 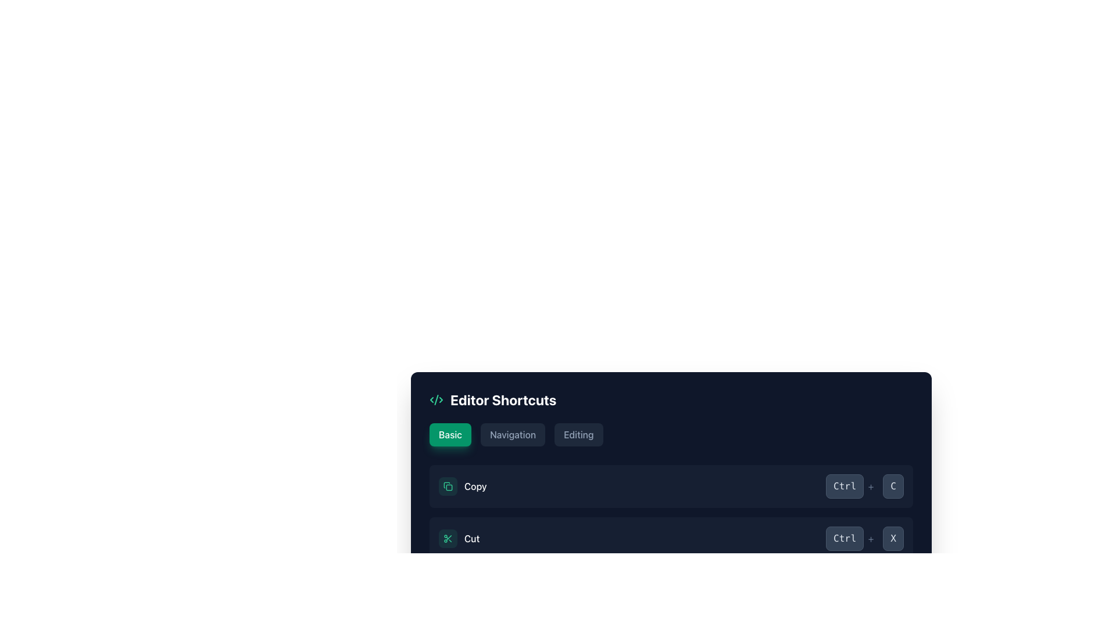 I want to click on text label 'Basic' located inside the button at the top-left area of the 'Editor Shortcuts' panel, so click(x=450, y=434).